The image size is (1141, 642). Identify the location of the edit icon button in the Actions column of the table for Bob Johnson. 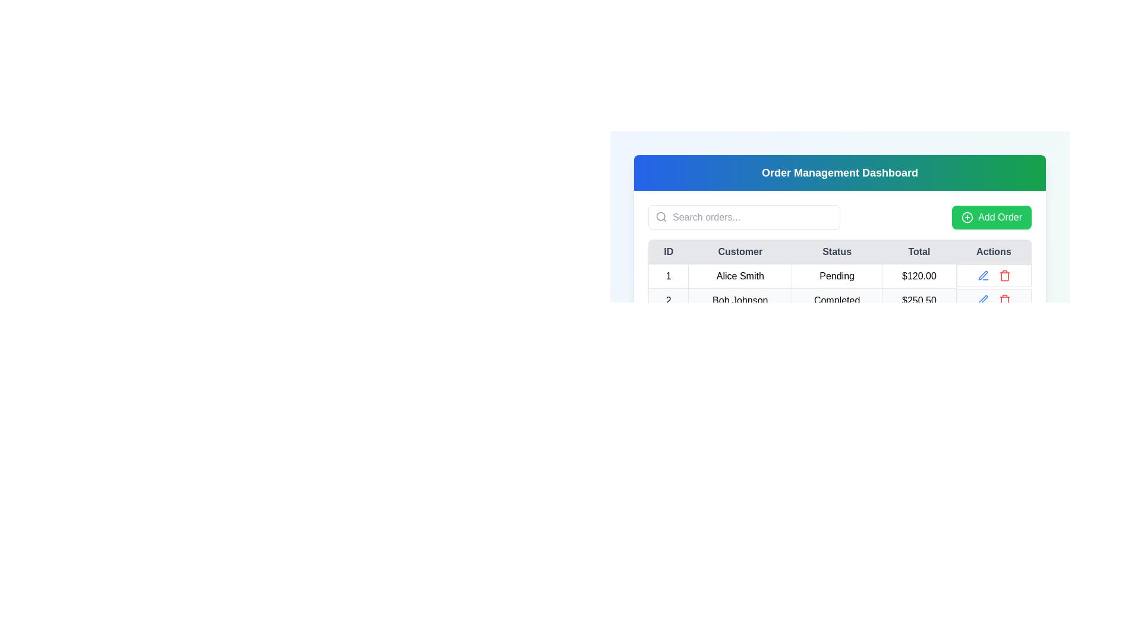
(983, 299).